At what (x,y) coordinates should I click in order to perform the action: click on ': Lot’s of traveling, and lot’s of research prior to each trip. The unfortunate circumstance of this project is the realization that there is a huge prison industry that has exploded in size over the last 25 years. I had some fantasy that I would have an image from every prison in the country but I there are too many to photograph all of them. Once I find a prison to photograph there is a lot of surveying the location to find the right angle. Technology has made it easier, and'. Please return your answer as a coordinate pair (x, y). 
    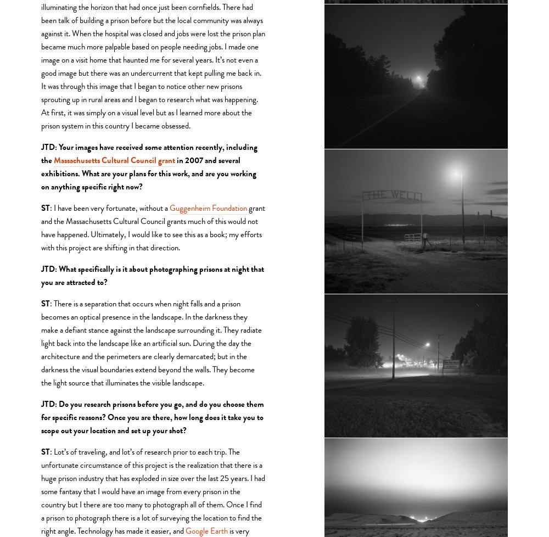
    Looking at the image, I should click on (154, 490).